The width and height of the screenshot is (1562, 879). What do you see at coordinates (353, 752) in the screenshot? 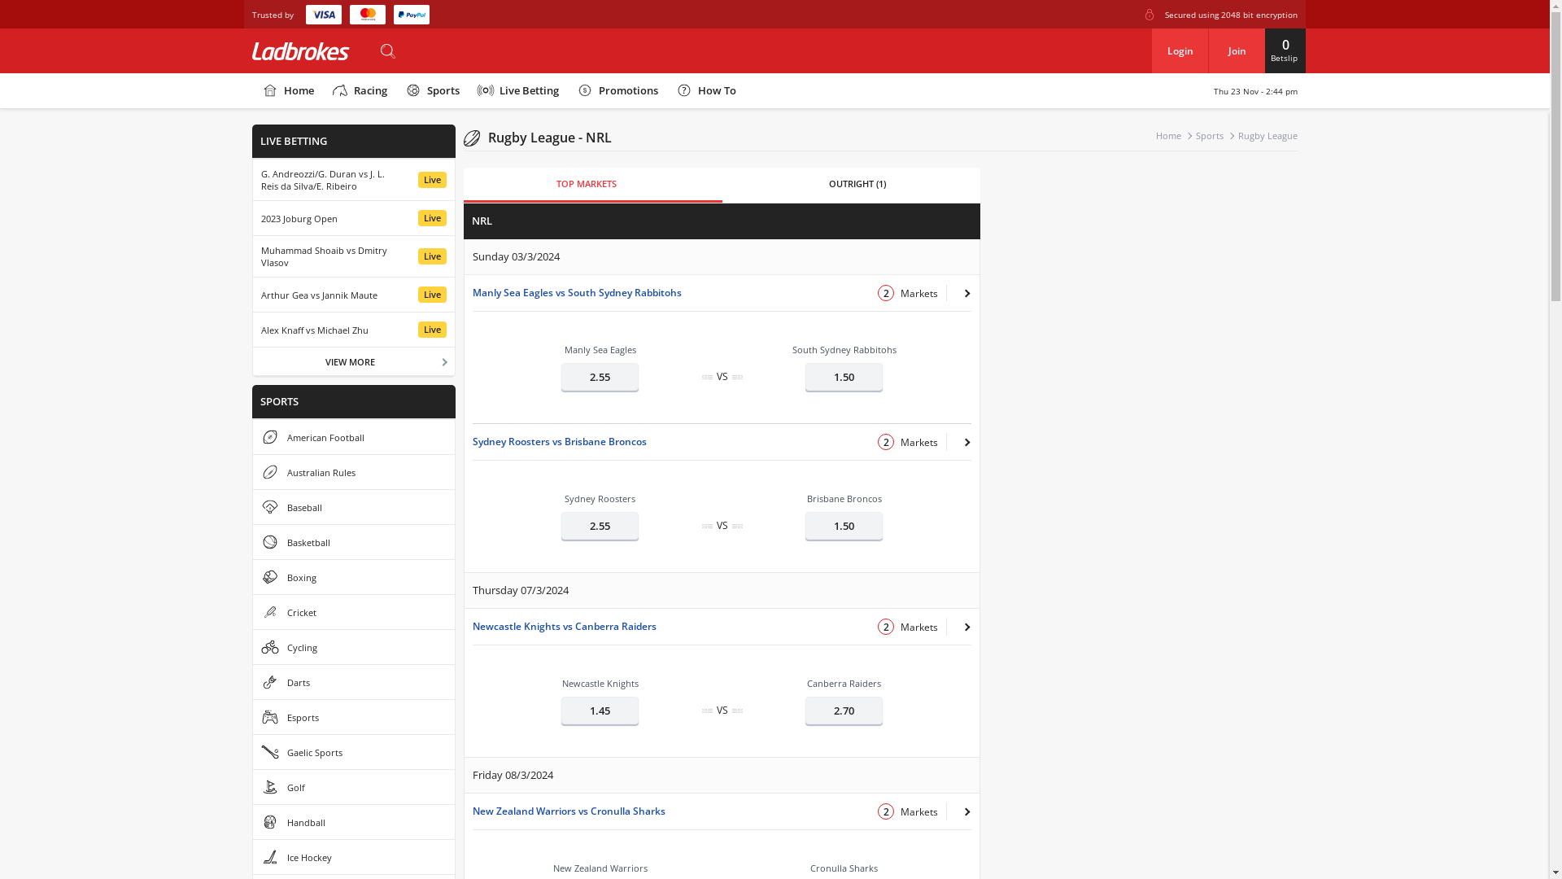
I see `'Gaelic Sports'` at bounding box center [353, 752].